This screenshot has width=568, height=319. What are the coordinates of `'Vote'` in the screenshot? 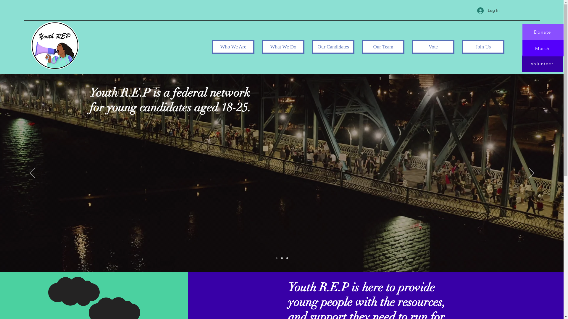 It's located at (433, 46).